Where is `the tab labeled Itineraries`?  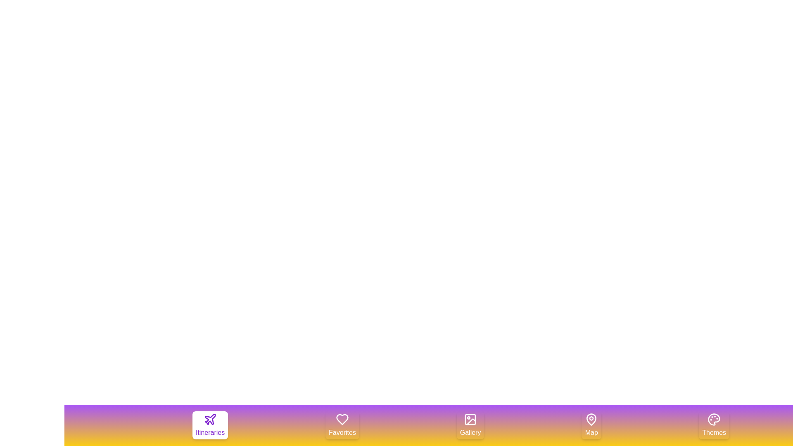
the tab labeled Itineraries is located at coordinates (210, 425).